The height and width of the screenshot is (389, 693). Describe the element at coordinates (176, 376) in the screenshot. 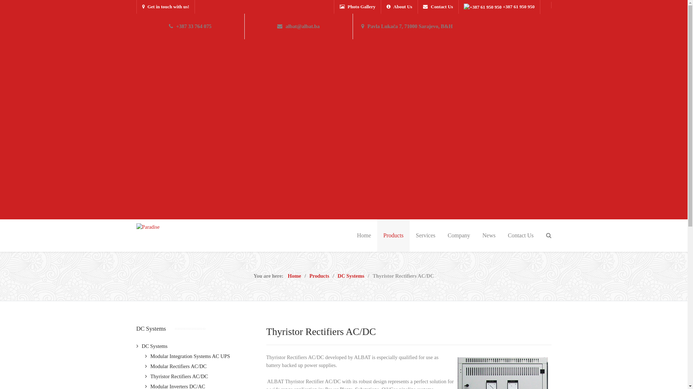

I see `'Thyristor Rectifiers AC/DC'` at that location.